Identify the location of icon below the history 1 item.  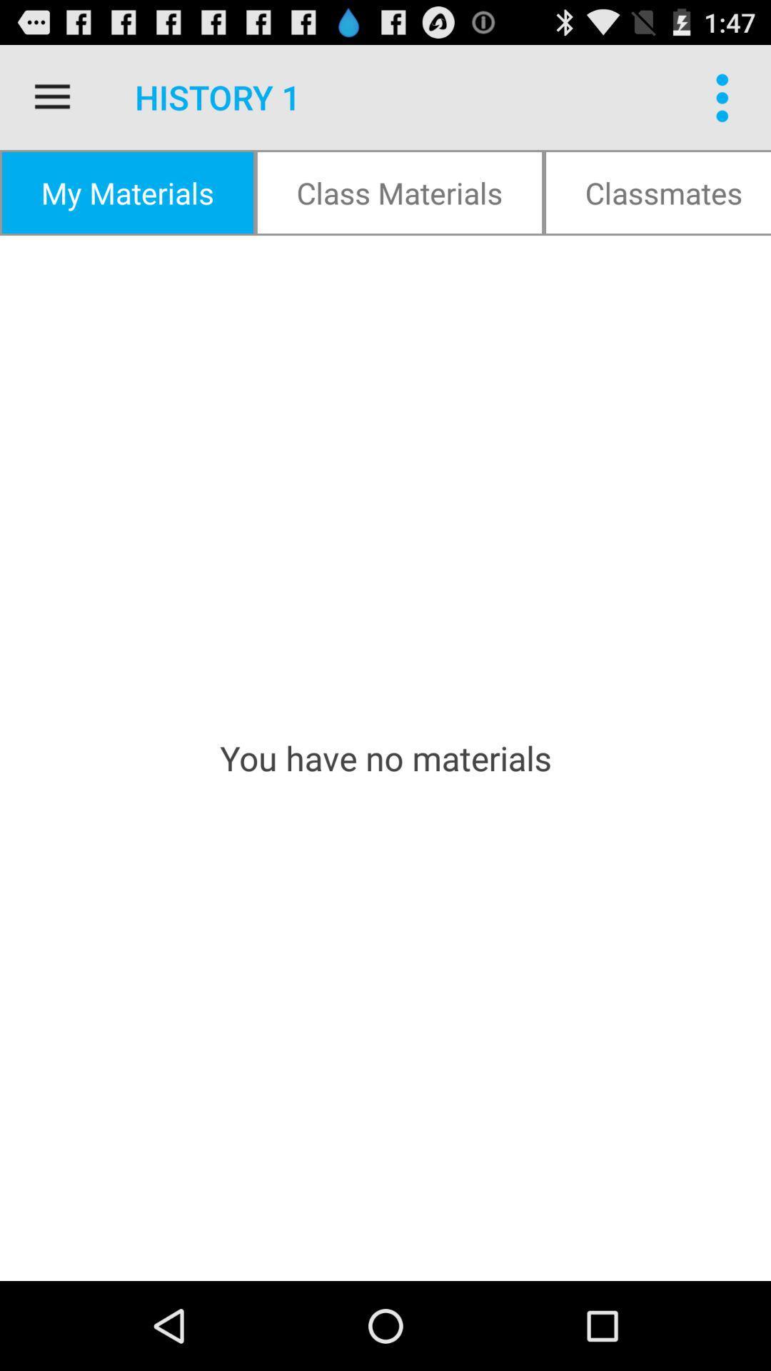
(399, 191).